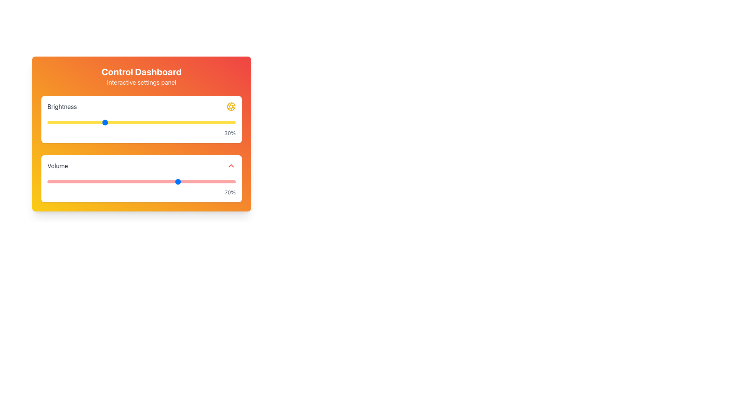 The height and width of the screenshot is (410, 729). I want to click on text label 'Interactive settings panel' located beneath the title 'Control Dashboard' in the settings panel, so click(142, 82).